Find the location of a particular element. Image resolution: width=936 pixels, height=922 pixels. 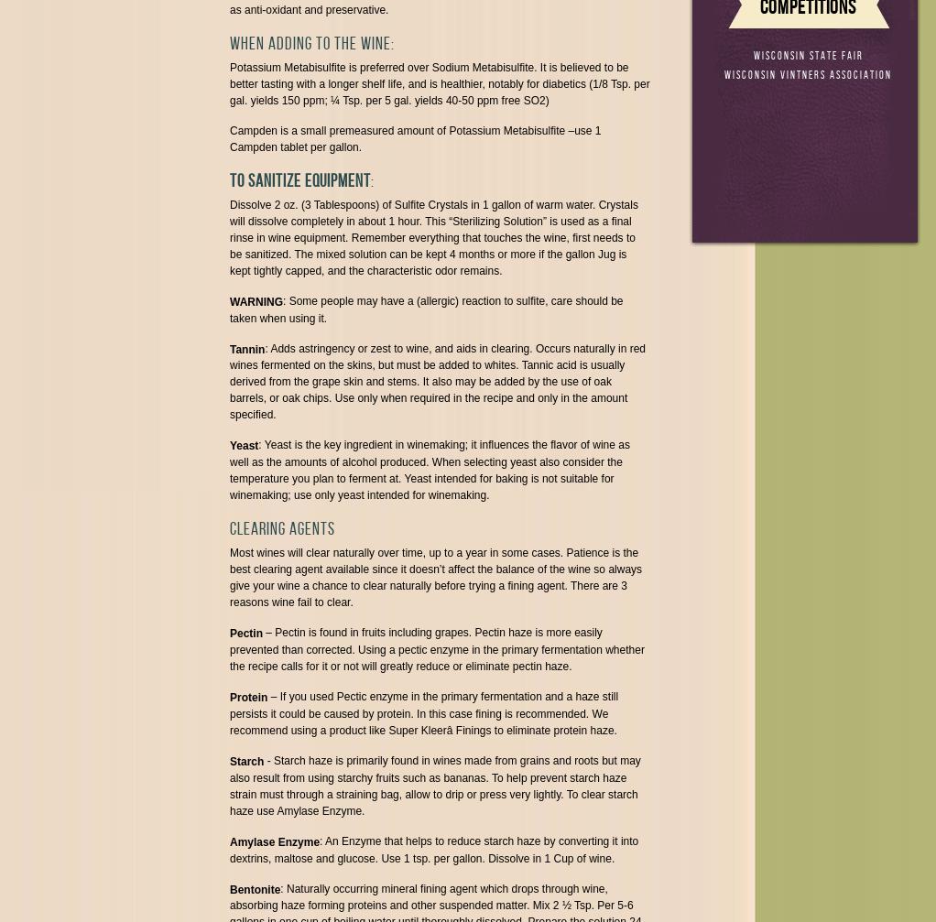

'Wisconsin Vintners Association' is located at coordinates (724, 73).